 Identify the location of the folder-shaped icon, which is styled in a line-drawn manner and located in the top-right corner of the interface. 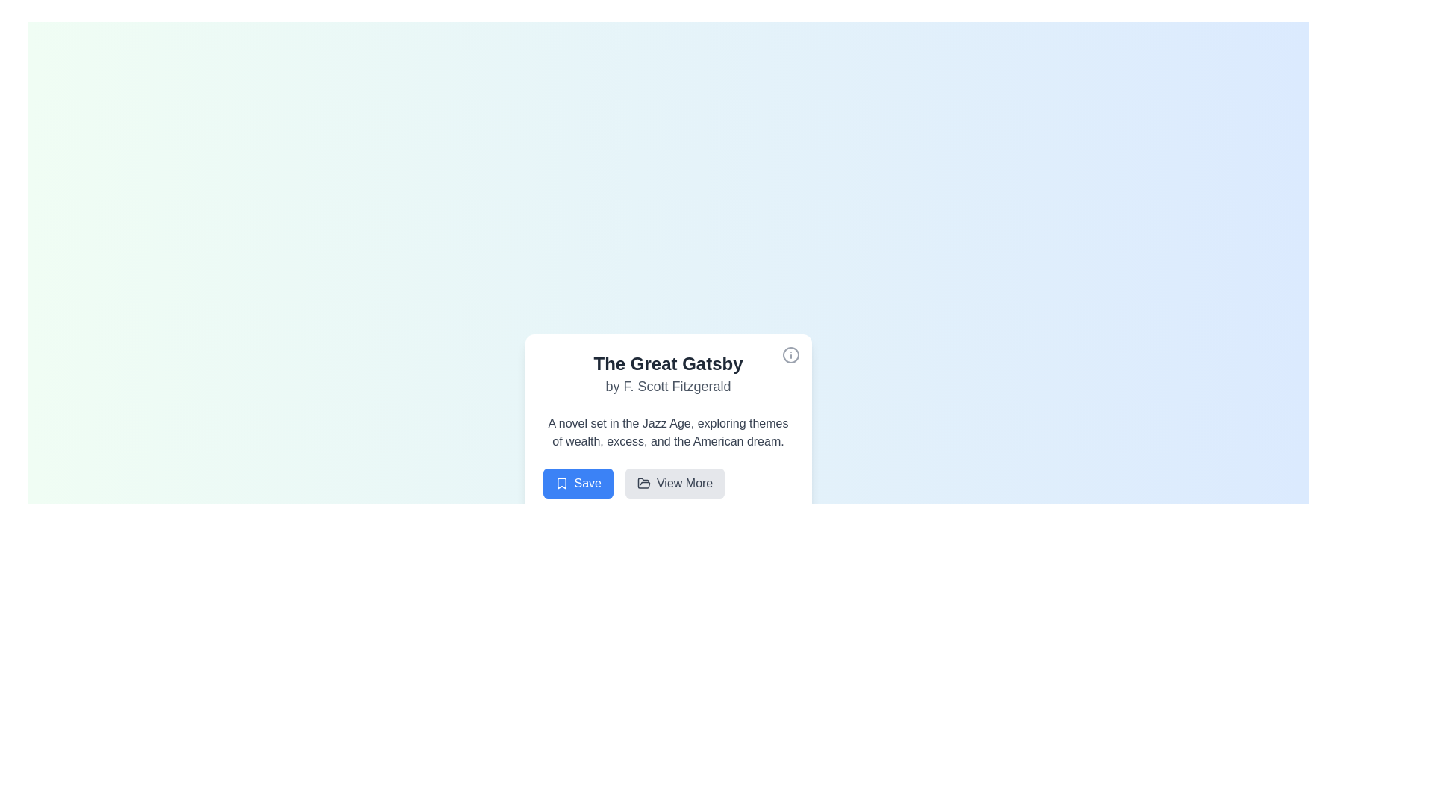
(644, 483).